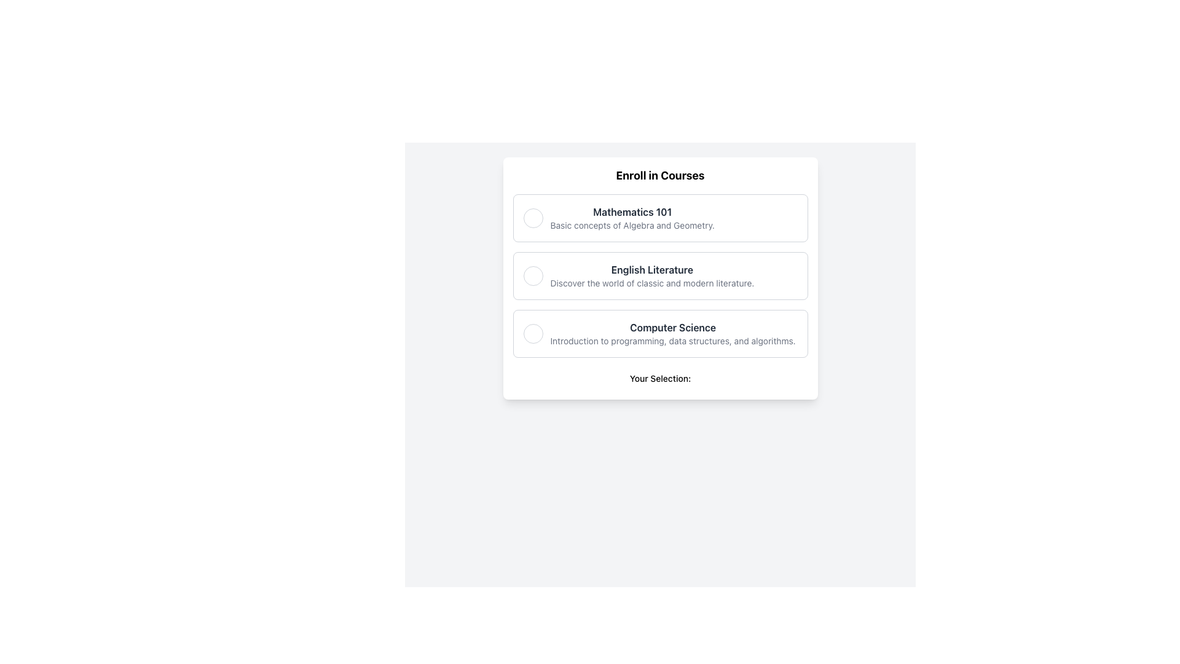 The image size is (1180, 664). I want to click on the selectable list item displaying 'English Literature', so click(651, 275).